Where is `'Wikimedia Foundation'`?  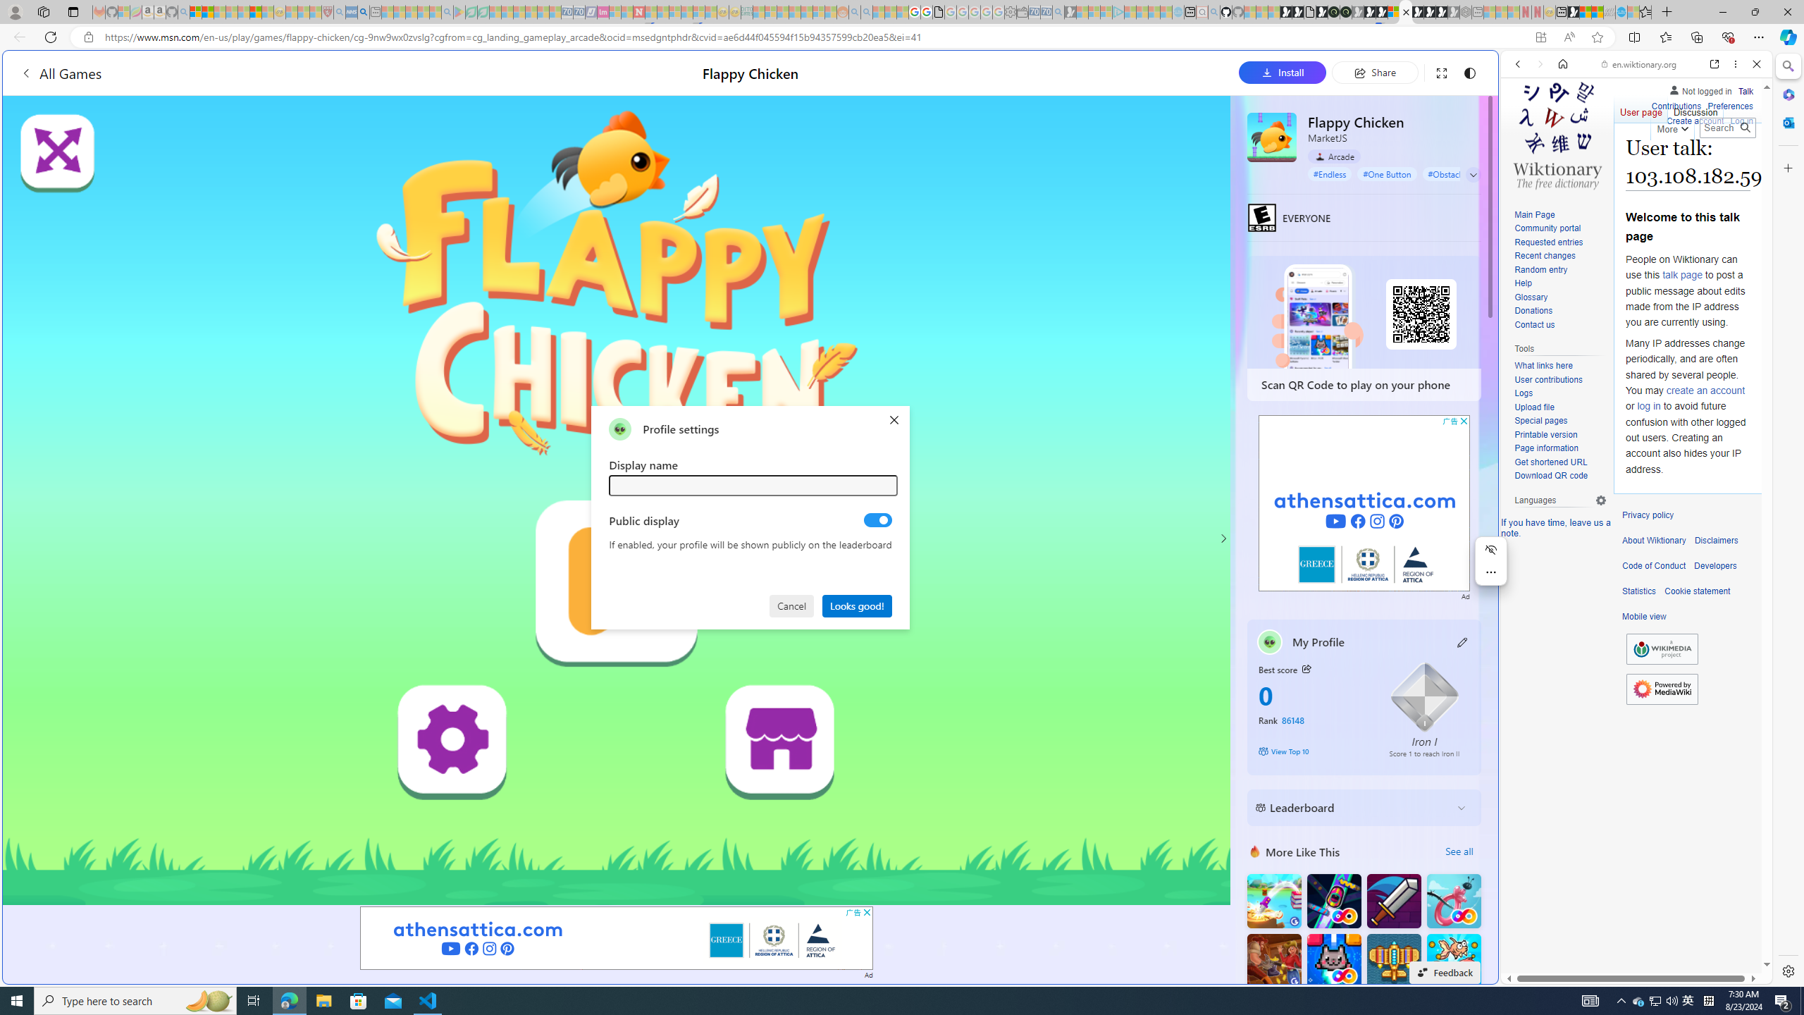
'Wikimedia Foundation' is located at coordinates (1662, 648).